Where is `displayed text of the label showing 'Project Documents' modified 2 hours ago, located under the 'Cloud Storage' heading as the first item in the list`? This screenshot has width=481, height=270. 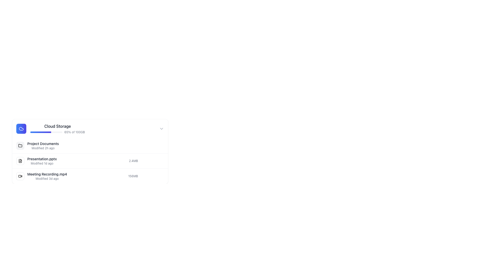
displayed text of the label showing 'Project Documents' modified 2 hours ago, located under the 'Cloud Storage' heading as the first item in the list is located at coordinates (43, 145).